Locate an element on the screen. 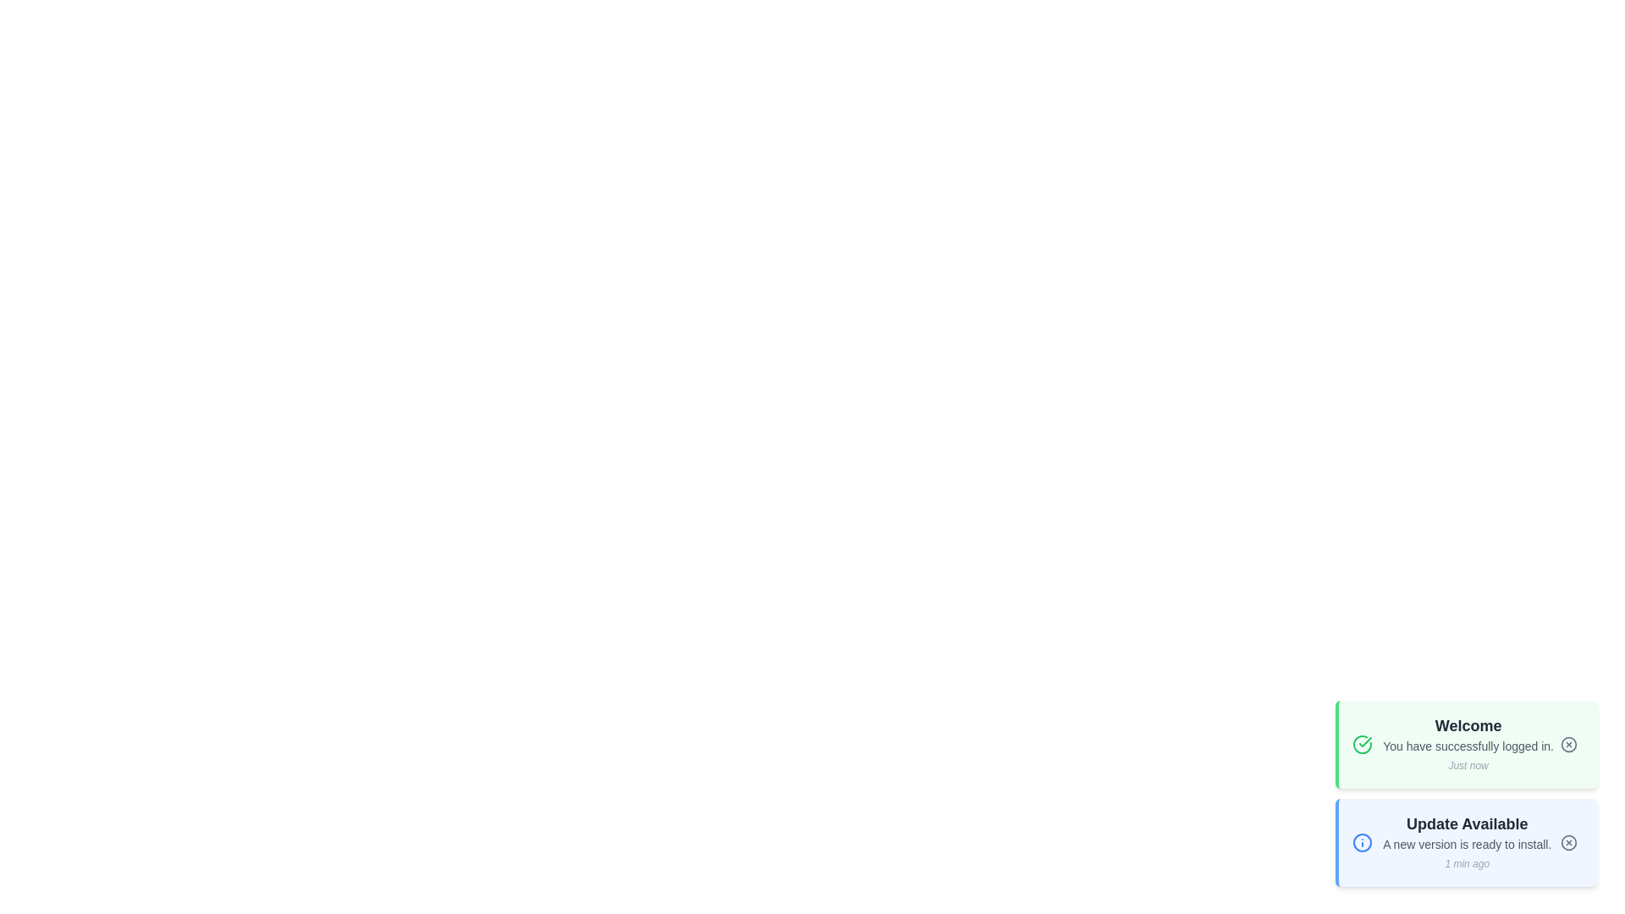 The width and height of the screenshot is (1625, 914). the icon associated with the notification type is located at coordinates (1362, 743).